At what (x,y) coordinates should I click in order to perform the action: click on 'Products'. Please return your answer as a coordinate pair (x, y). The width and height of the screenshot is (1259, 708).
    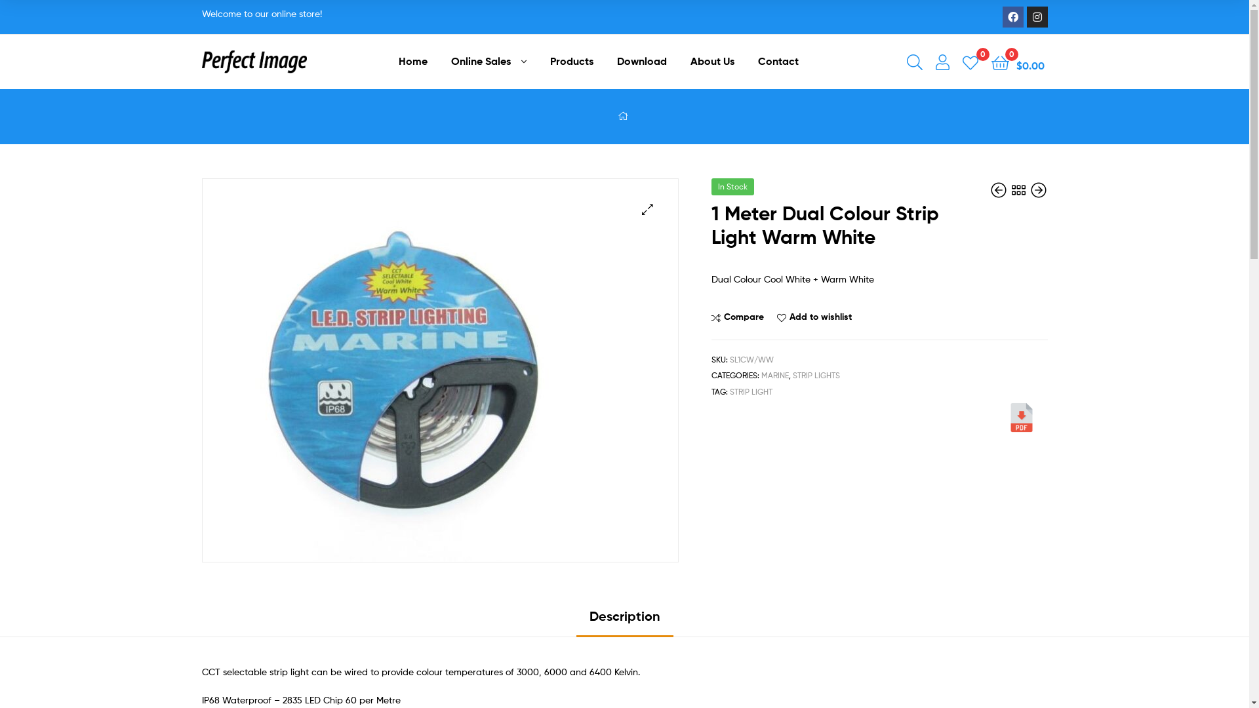
    Looking at the image, I should click on (539, 61).